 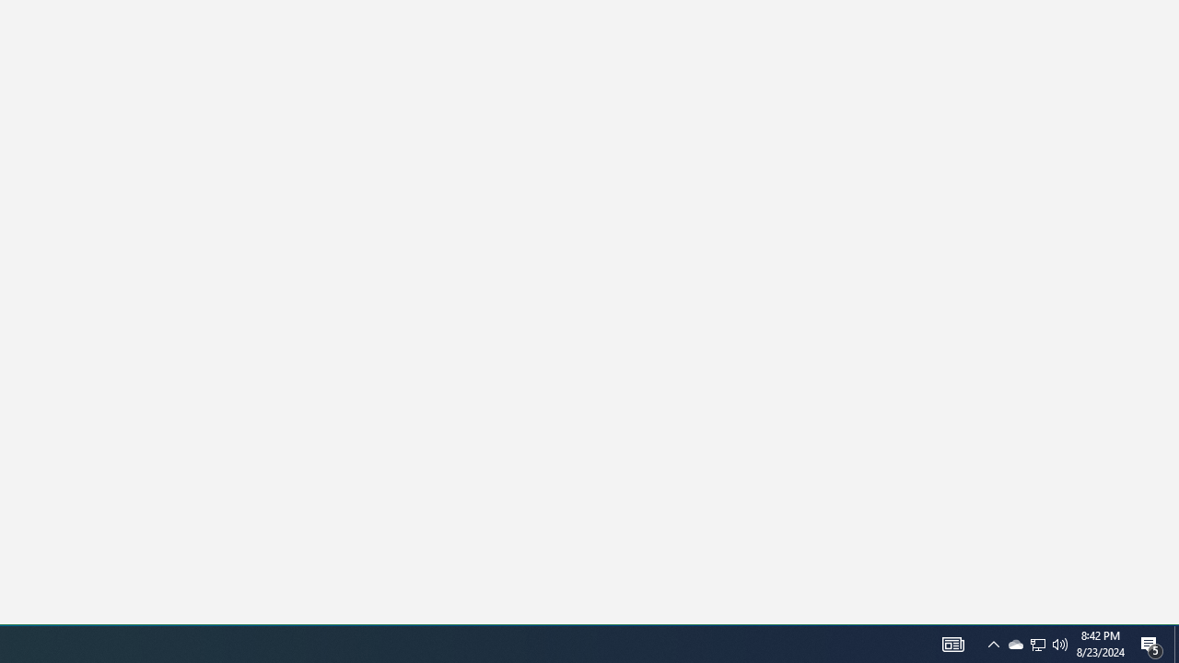 I want to click on 'Action Center, 5 new notifications', so click(x=1151, y=643).